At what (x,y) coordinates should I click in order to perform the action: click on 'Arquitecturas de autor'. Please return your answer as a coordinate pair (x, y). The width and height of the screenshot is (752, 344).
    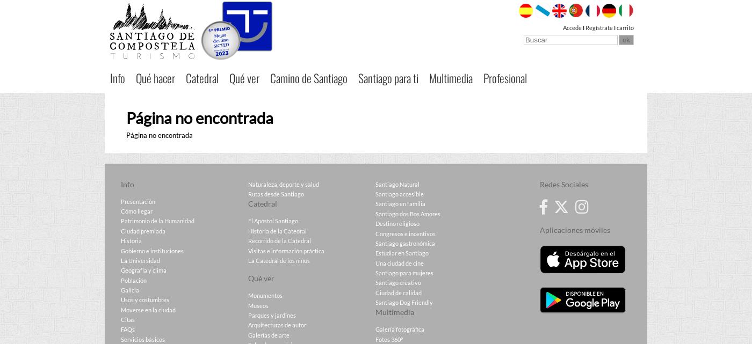
    Looking at the image, I should click on (277, 324).